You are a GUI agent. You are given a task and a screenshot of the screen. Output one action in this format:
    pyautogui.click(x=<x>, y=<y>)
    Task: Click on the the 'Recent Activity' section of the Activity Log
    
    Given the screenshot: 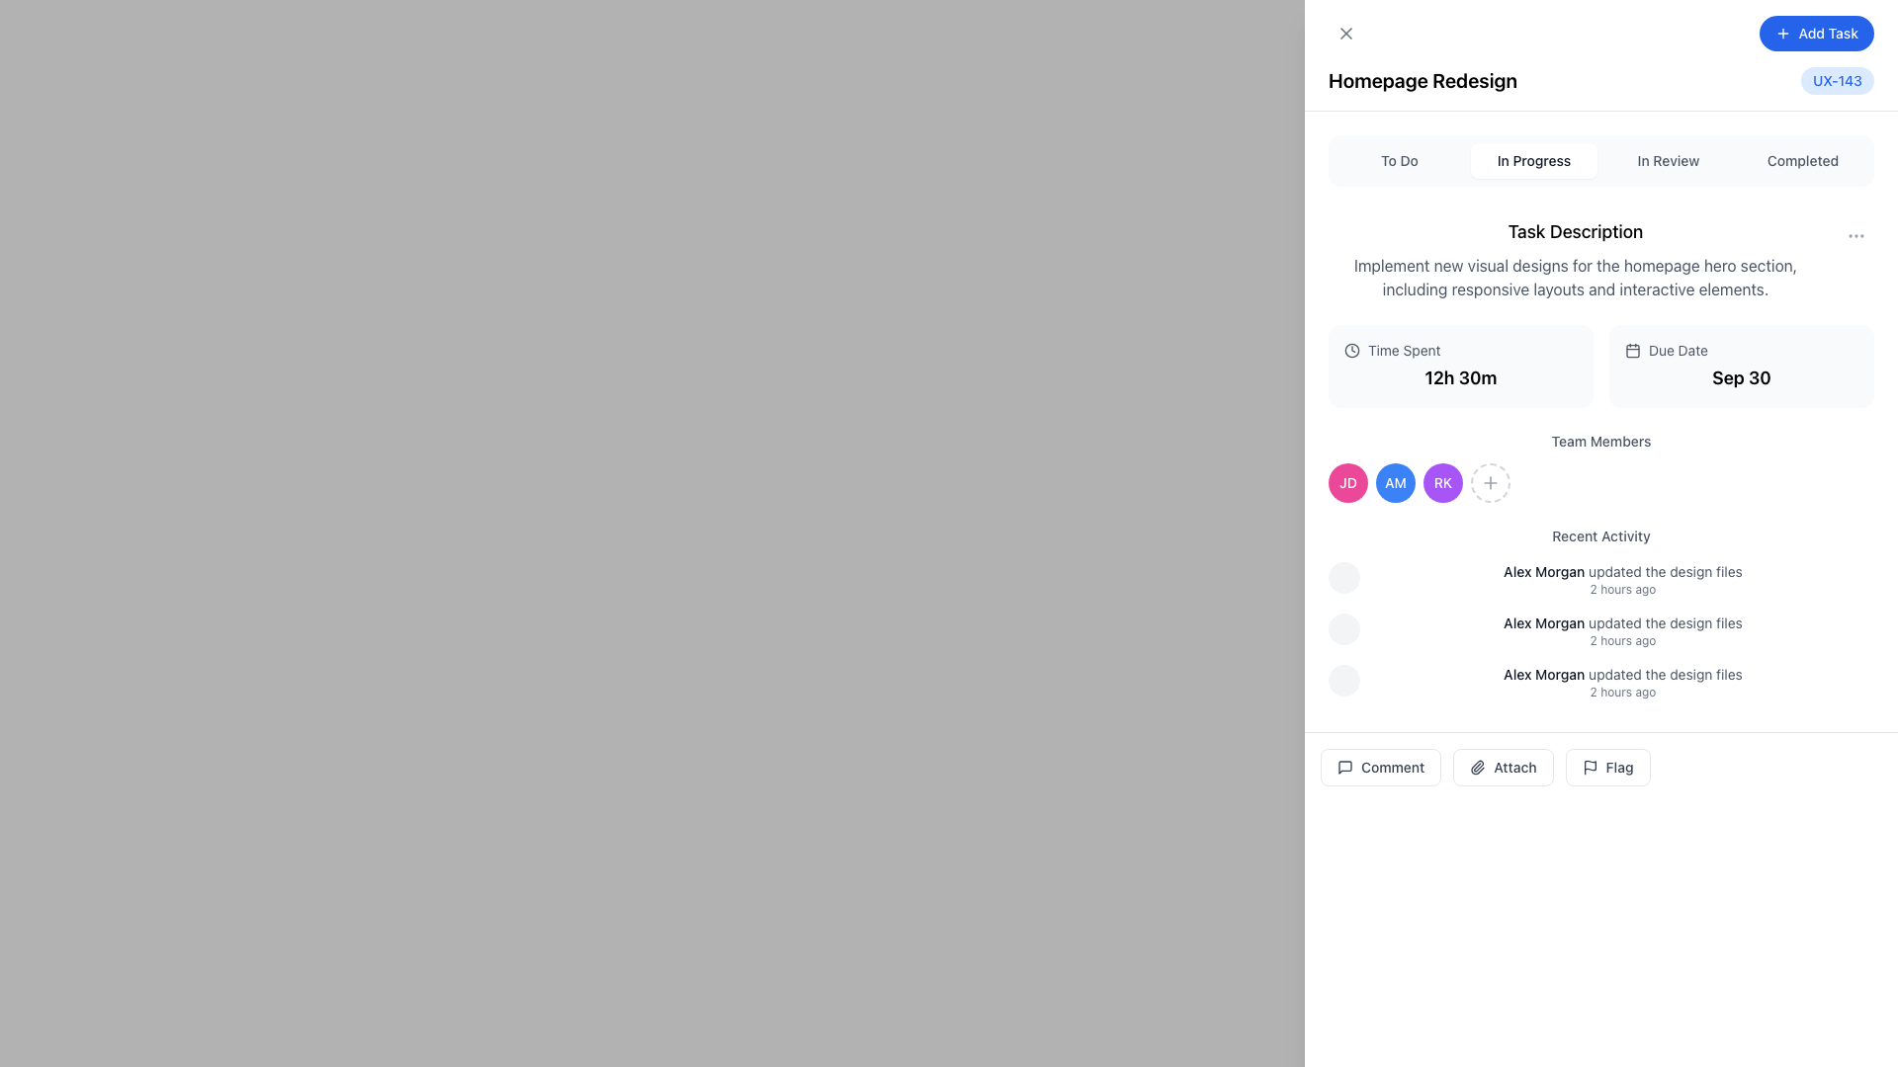 What is the action you would take?
    pyautogui.click(x=1601, y=613)
    